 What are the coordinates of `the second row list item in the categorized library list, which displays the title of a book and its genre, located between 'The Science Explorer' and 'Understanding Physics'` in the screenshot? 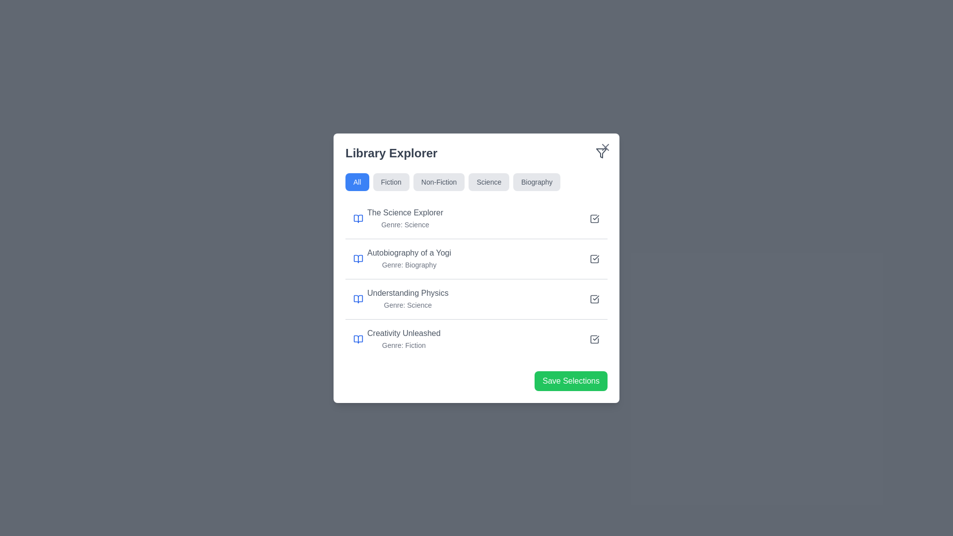 It's located at (476, 279).